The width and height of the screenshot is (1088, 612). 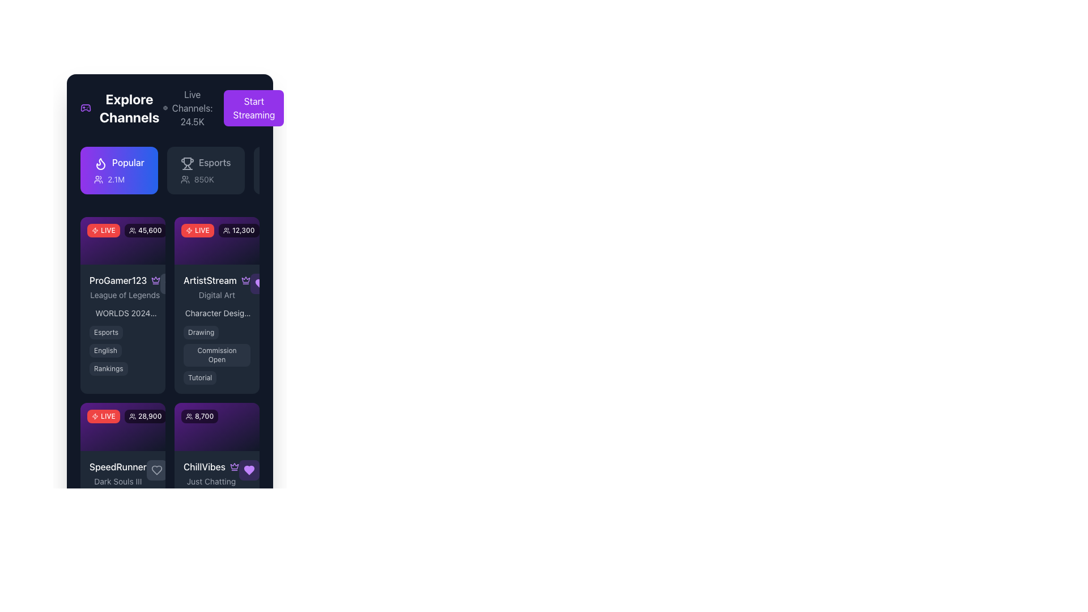 What do you see at coordinates (95, 416) in the screenshot?
I see `the lightning bolt SVG icon located inside the red button labeled 'LIVE' in the top-left corner of the card layout` at bounding box center [95, 416].